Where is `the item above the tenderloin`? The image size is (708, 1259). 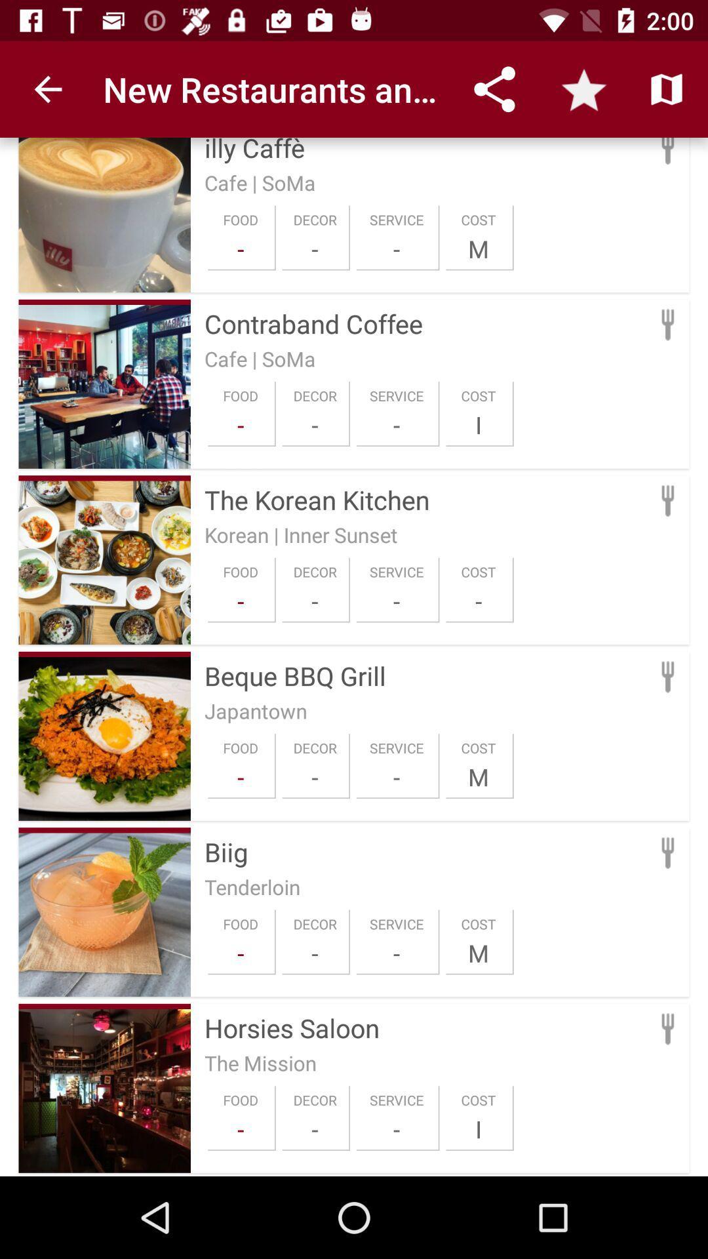 the item above the tenderloin is located at coordinates (426, 852).